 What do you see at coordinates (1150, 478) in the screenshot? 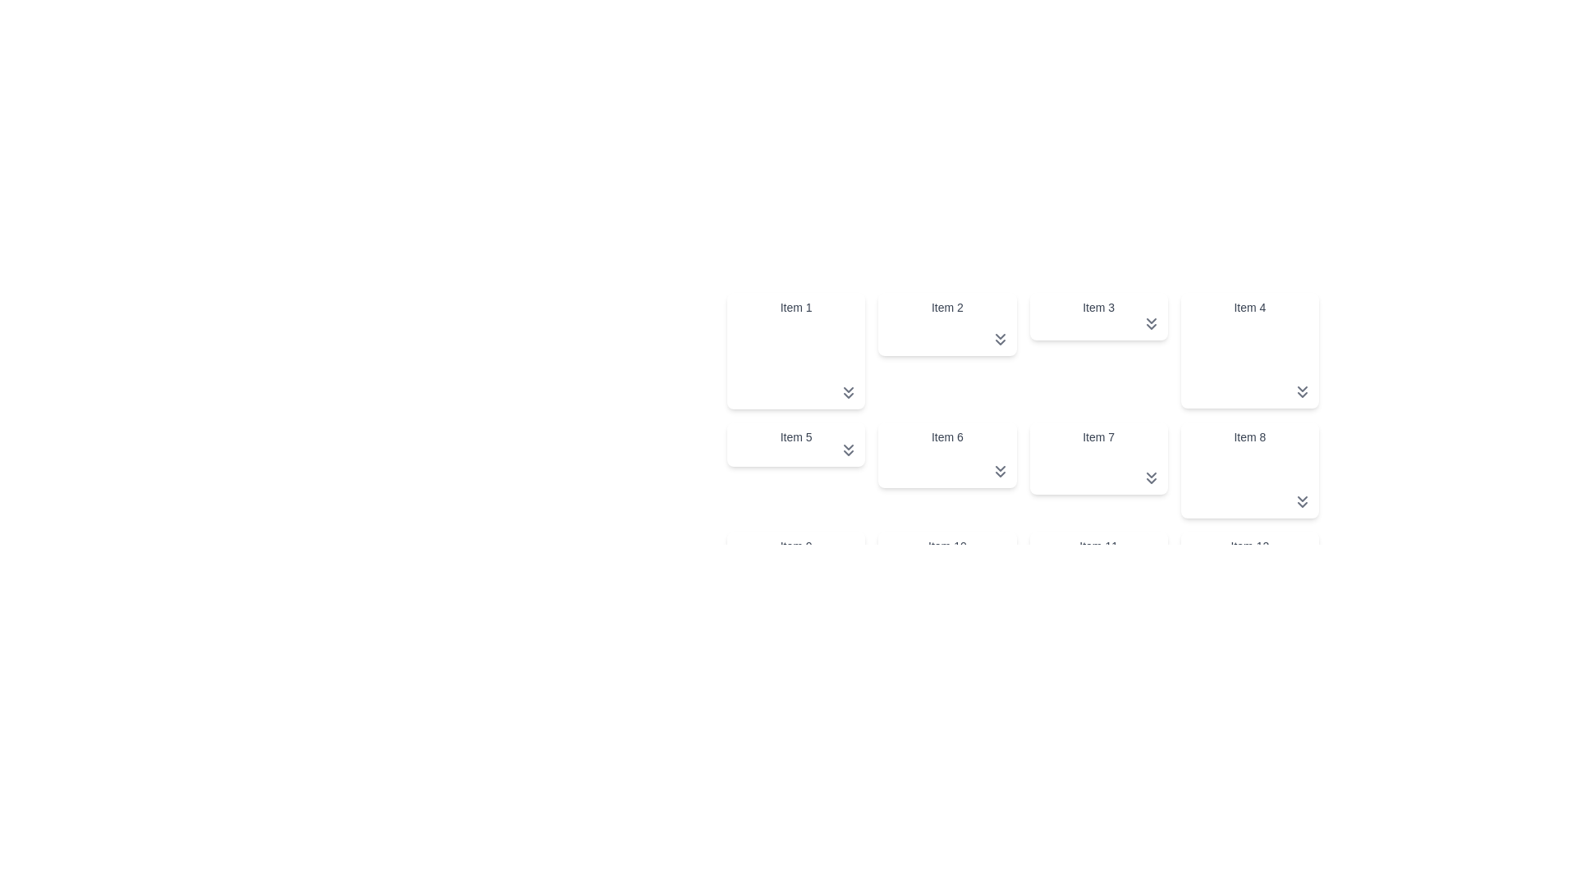
I see `the interactive icon button represented by two downward arrows located in the bottom-right corner of the 'Item 7' card` at bounding box center [1150, 478].